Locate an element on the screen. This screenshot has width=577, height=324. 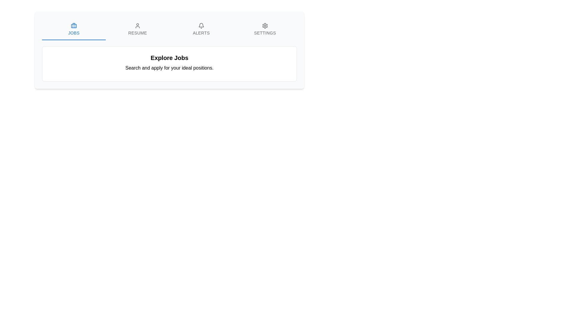
the thin red underline bar that indicates the active selection for the 'Jobs' tab in the horizontal navigation menu is located at coordinates (73, 40).